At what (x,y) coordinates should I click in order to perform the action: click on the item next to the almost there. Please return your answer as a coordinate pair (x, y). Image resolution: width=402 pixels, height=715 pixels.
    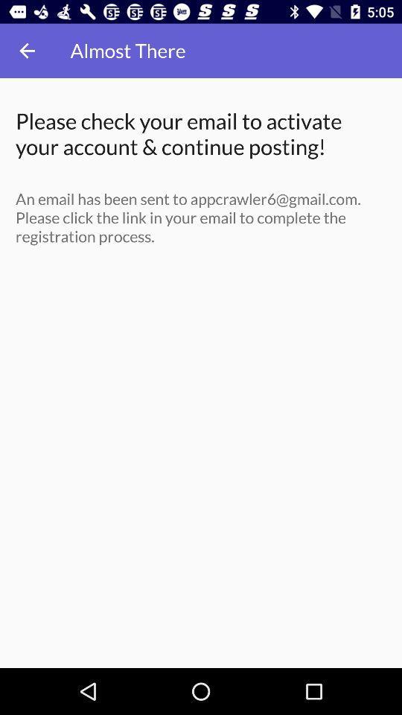
    Looking at the image, I should click on (27, 51).